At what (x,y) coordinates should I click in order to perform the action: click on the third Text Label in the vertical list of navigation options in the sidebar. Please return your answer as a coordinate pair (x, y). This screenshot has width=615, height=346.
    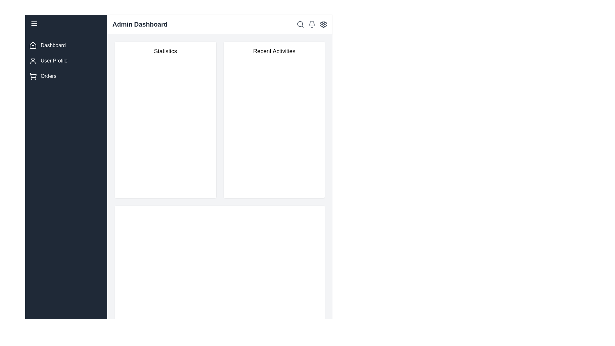
    Looking at the image, I should click on (48, 76).